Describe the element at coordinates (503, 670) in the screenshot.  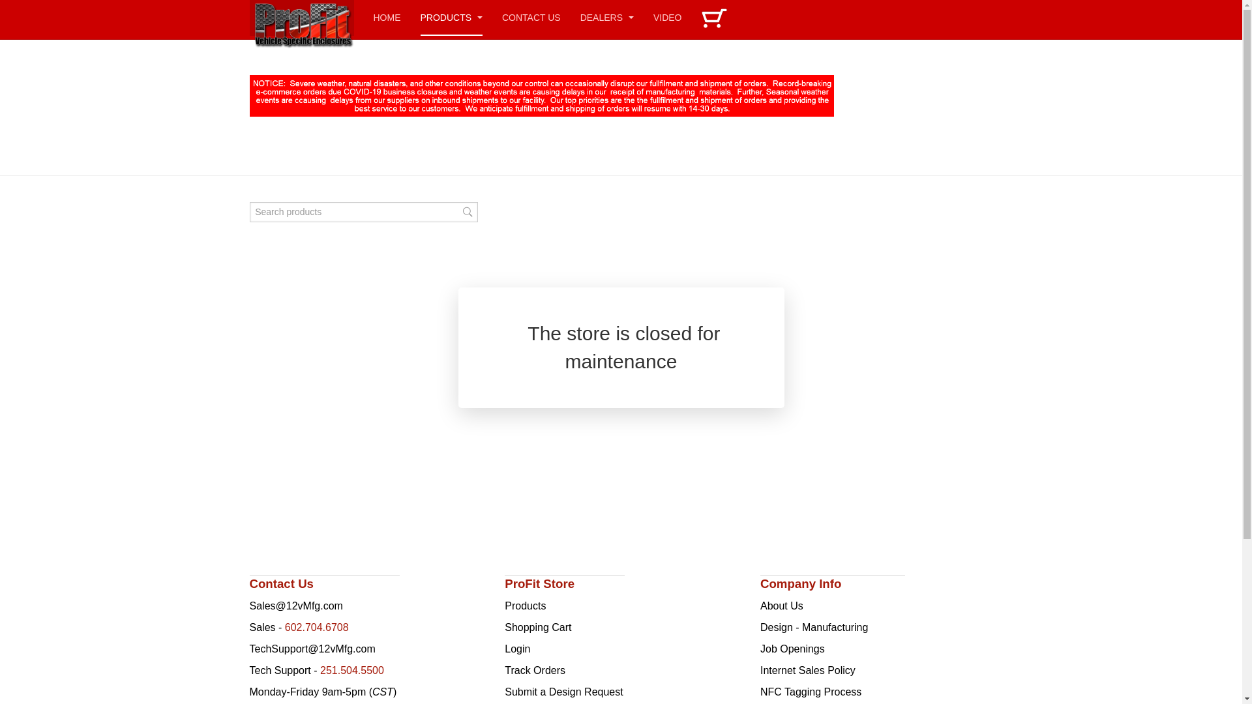
I see `'Track Orders'` at that location.